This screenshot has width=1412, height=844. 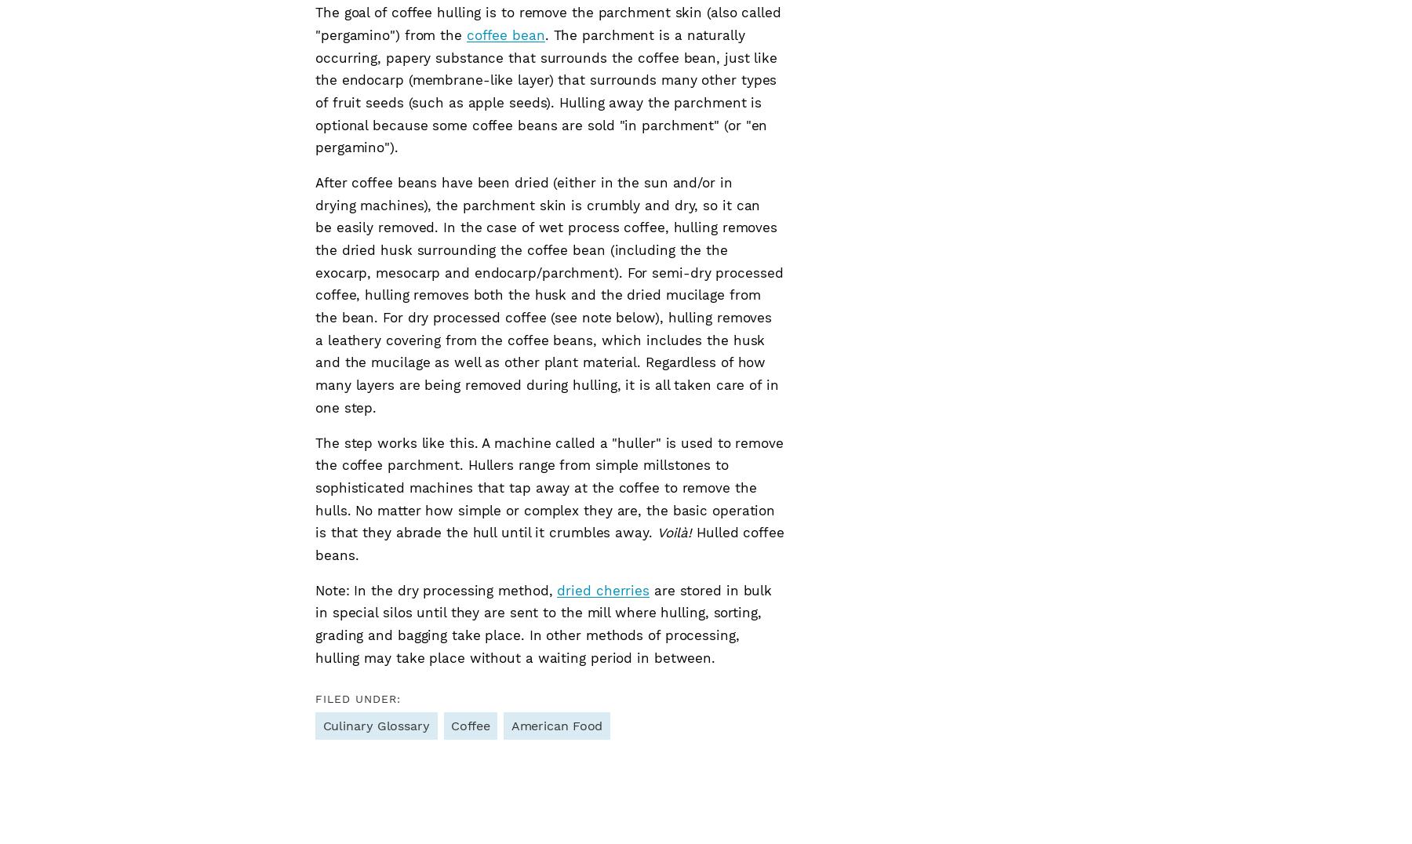 What do you see at coordinates (374, 724) in the screenshot?
I see `'Culinary Glossary'` at bounding box center [374, 724].